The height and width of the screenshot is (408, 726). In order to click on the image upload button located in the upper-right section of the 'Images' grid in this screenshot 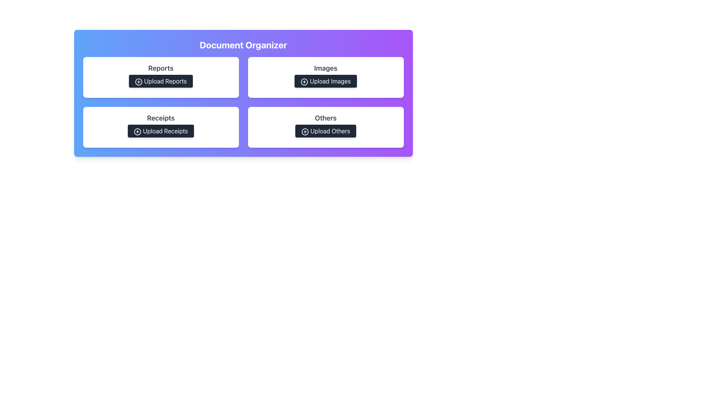, I will do `click(326, 81)`.